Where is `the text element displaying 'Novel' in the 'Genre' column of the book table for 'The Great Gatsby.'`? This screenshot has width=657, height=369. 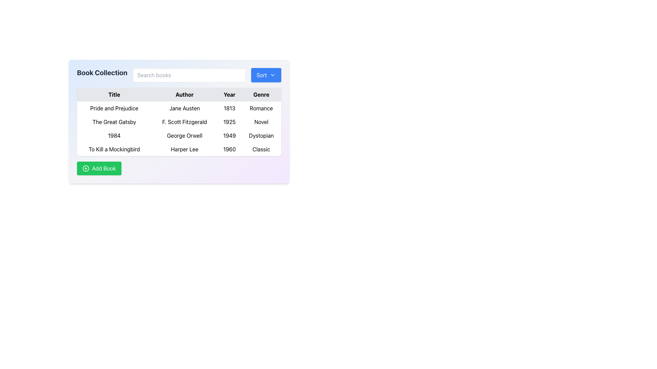
the text element displaying 'Novel' in the 'Genre' column of the book table for 'The Great Gatsby.' is located at coordinates (261, 122).